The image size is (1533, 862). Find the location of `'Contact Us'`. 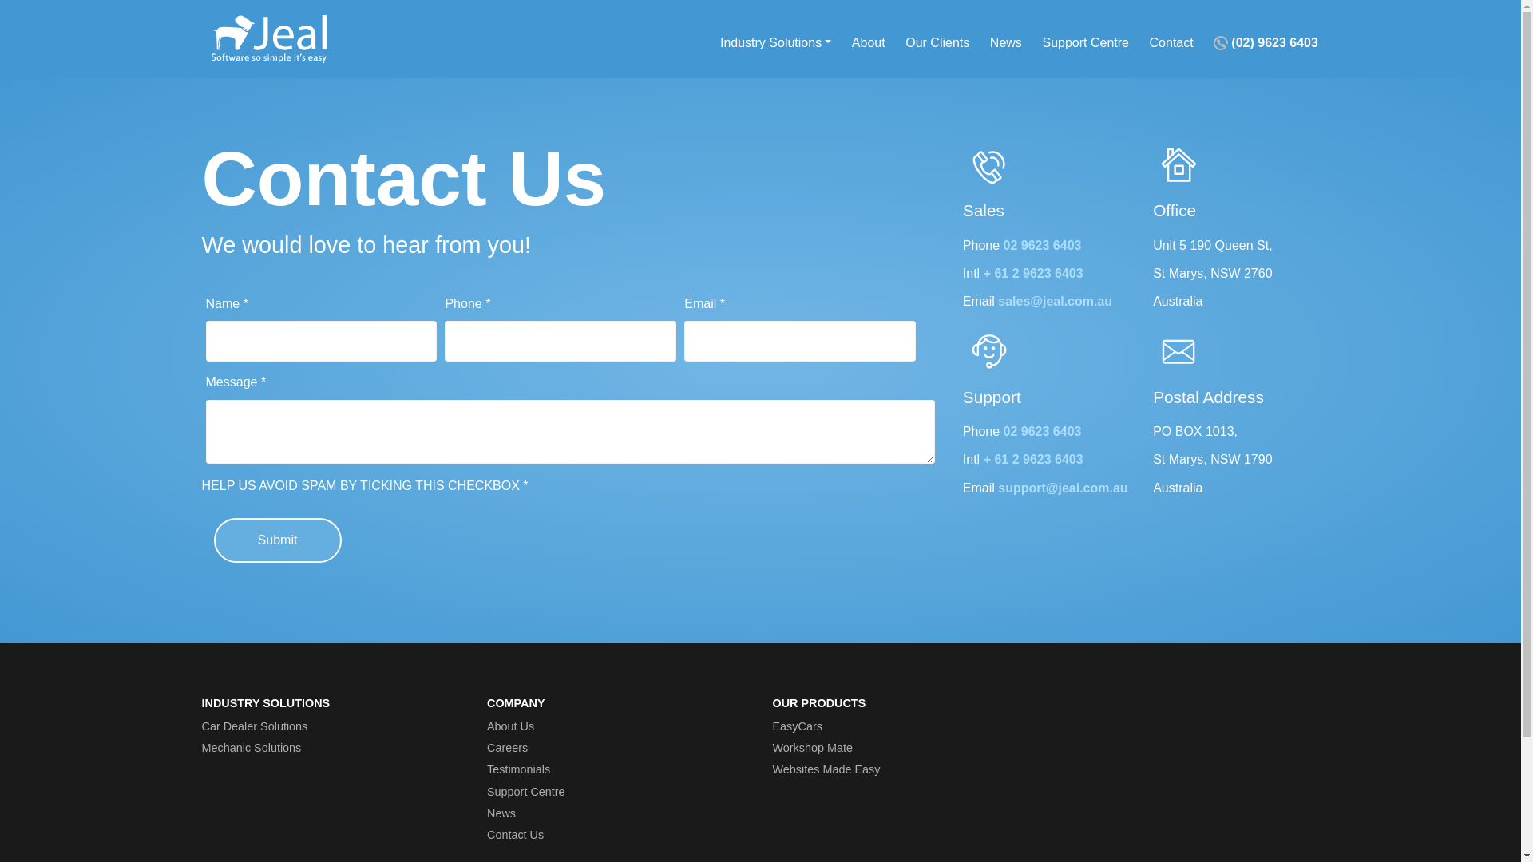

'Contact Us' is located at coordinates (515, 833).